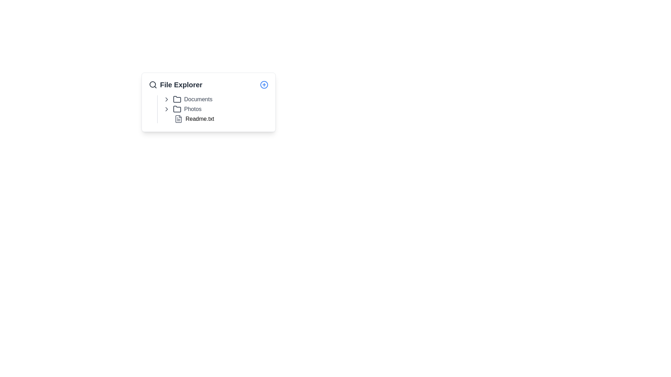 The height and width of the screenshot is (377, 671). What do you see at coordinates (166, 109) in the screenshot?
I see `the chevron-right icon located to the left of the 'Documents' text` at bounding box center [166, 109].